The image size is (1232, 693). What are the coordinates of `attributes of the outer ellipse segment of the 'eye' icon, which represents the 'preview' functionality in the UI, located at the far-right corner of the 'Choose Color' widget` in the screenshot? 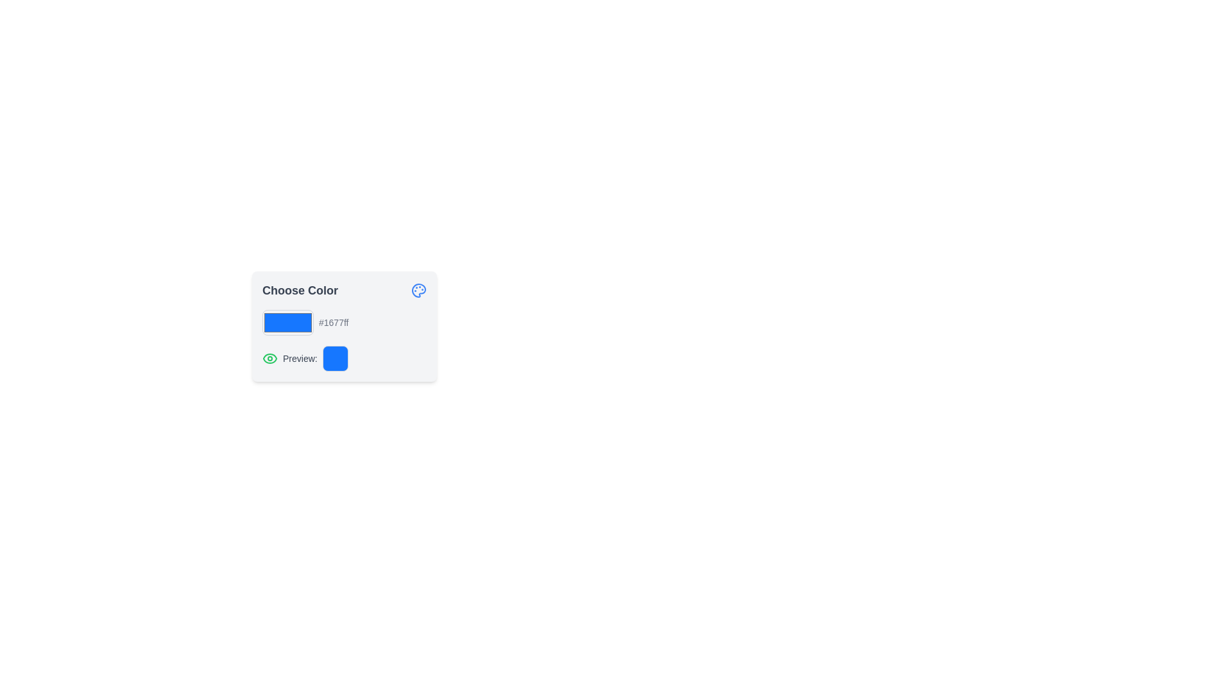 It's located at (269, 359).